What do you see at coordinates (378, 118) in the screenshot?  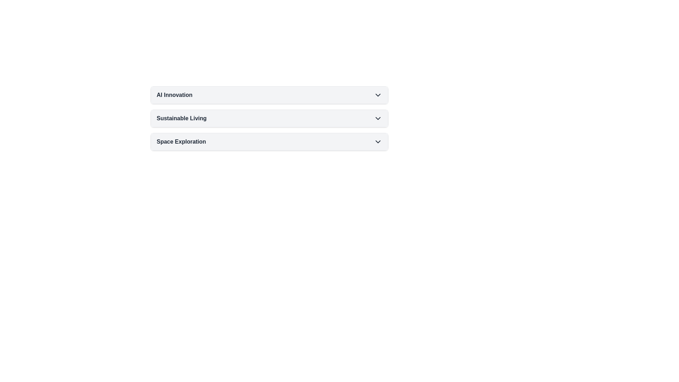 I see `the icon located at the far right side of the 'Sustainable Living' section header` at bounding box center [378, 118].